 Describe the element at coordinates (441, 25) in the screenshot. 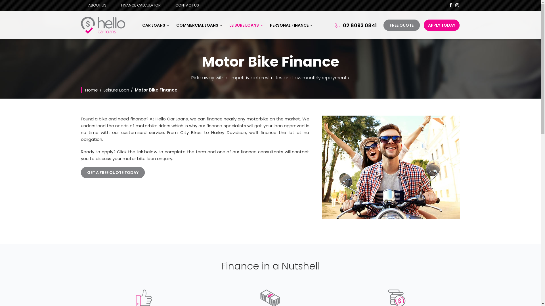

I see `'APPLY TODAY'` at that location.